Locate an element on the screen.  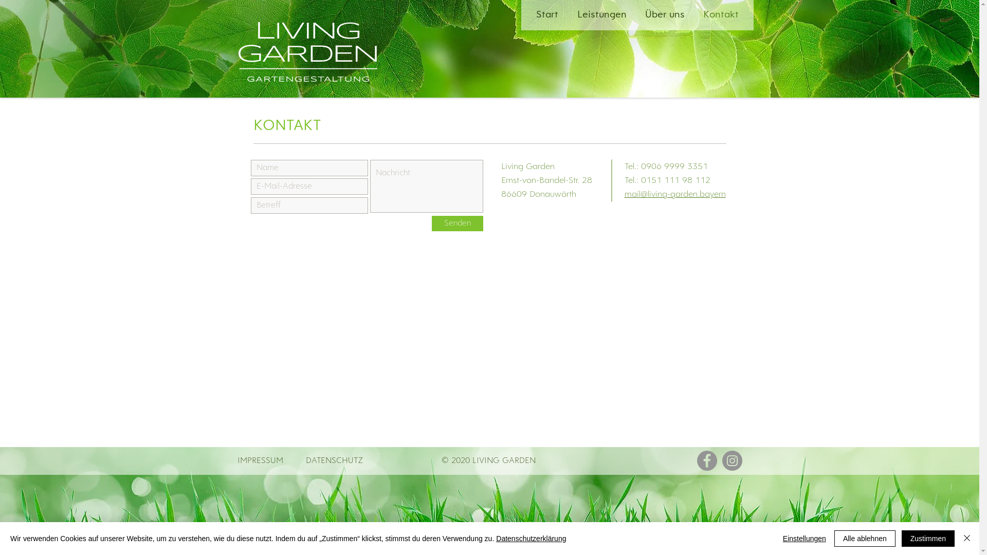
'Zustimmen' is located at coordinates (928, 538).